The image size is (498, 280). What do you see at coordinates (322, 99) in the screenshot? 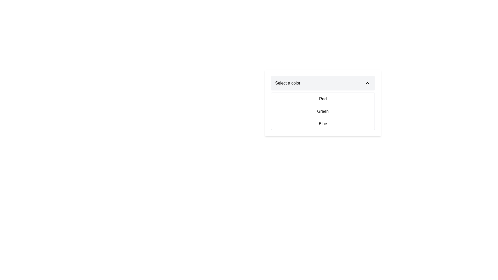
I see `the first list item labeled 'Red' in the dropdown menu` at bounding box center [322, 99].